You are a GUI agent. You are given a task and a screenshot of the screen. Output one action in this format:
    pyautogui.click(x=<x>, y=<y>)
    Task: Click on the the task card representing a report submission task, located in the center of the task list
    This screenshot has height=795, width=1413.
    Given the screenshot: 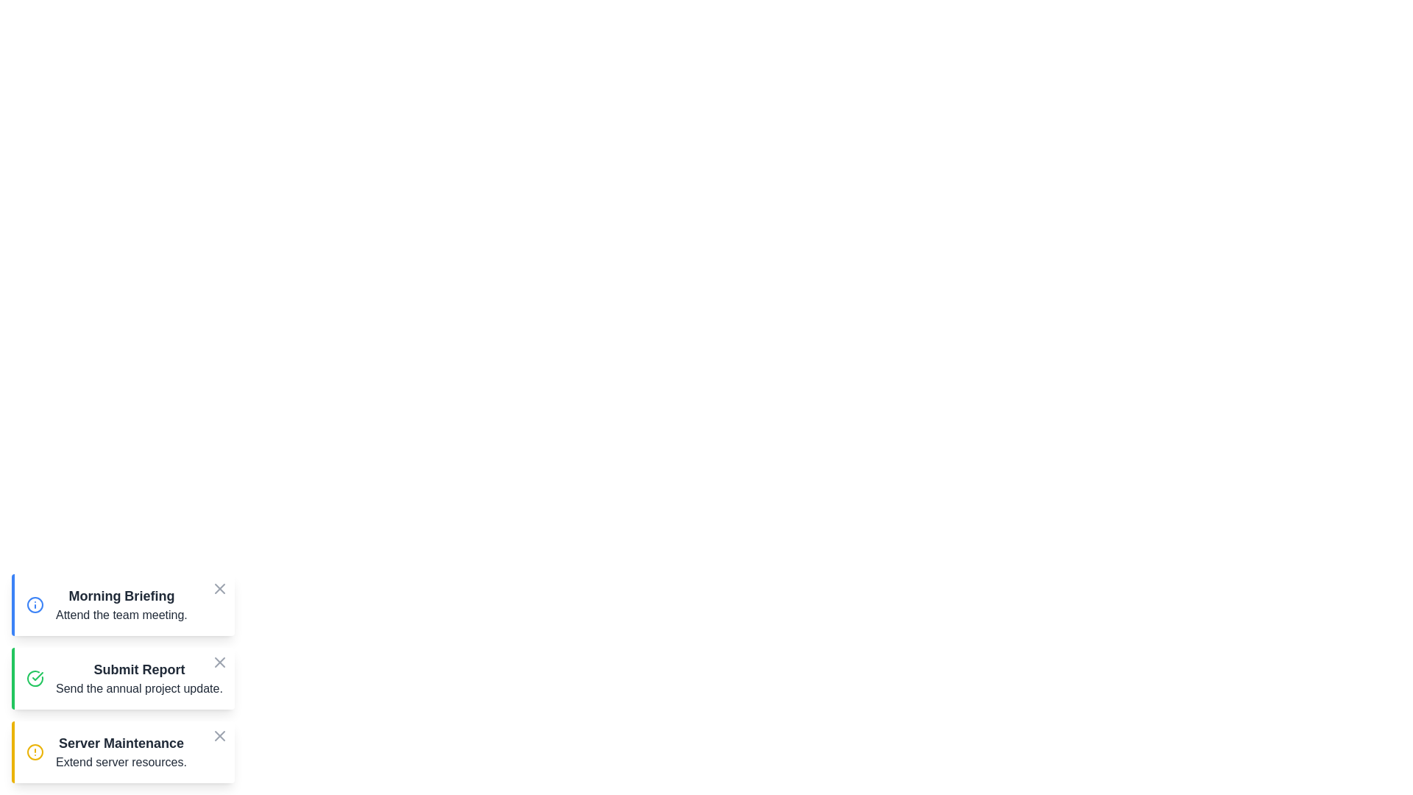 What is the action you would take?
    pyautogui.click(x=139, y=678)
    